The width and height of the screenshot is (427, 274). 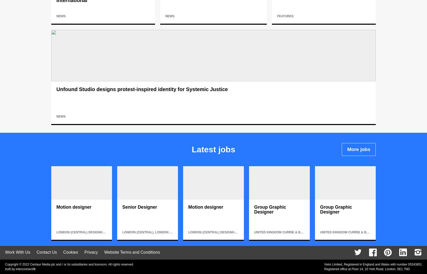 I want to click on 'More jobs', so click(x=358, y=149).